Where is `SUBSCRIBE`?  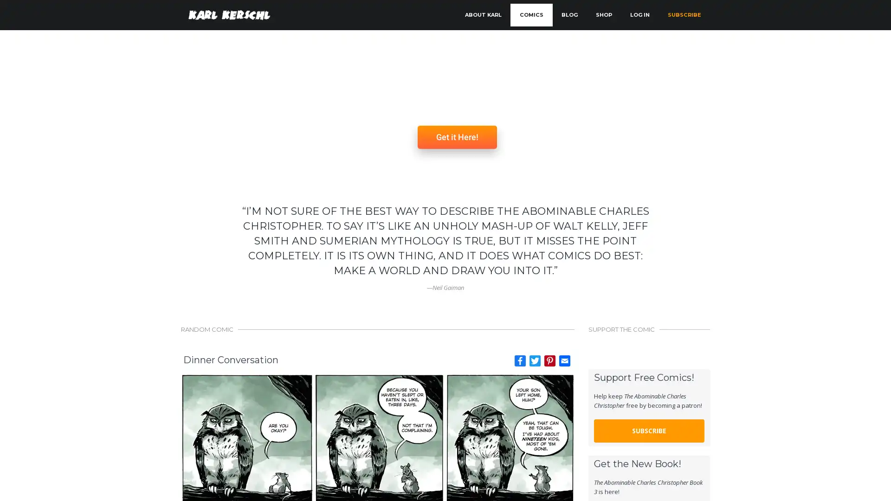
SUBSCRIBE is located at coordinates (648, 431).